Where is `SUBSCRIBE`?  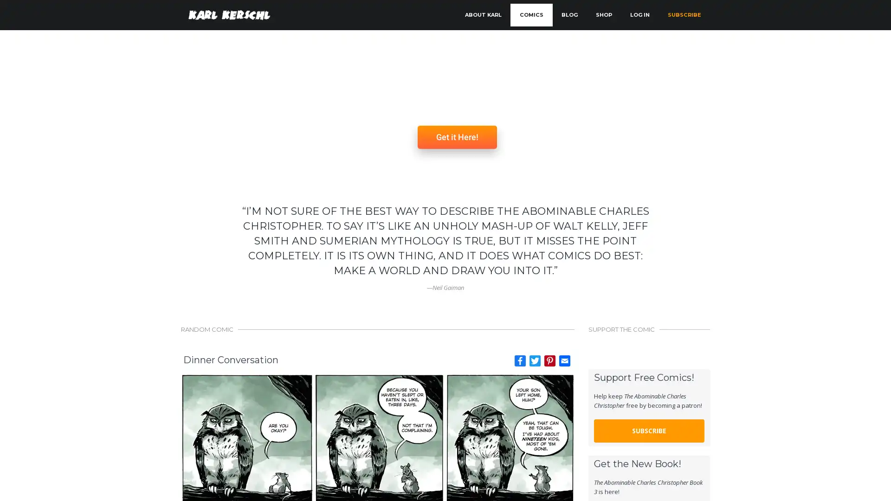
SUBSCRIBE is located at coordinates (648, 431).